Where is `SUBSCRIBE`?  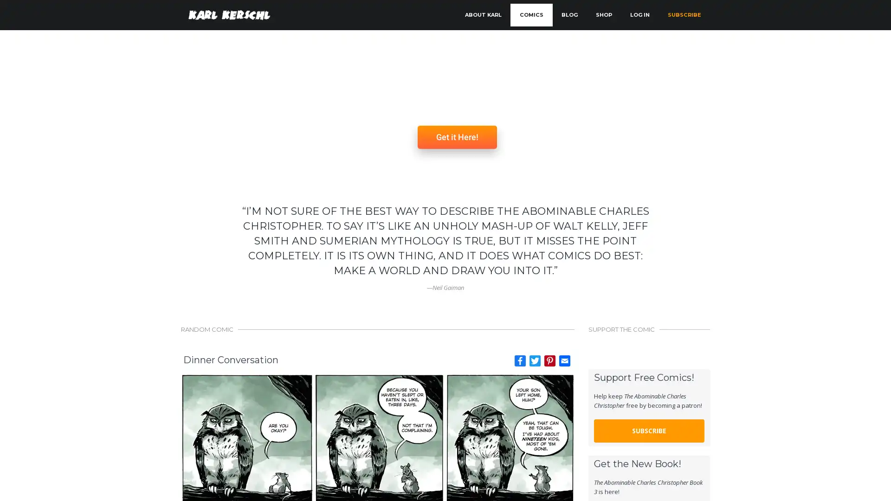
SUBSCRIBE is located at coordinates (648, 431).